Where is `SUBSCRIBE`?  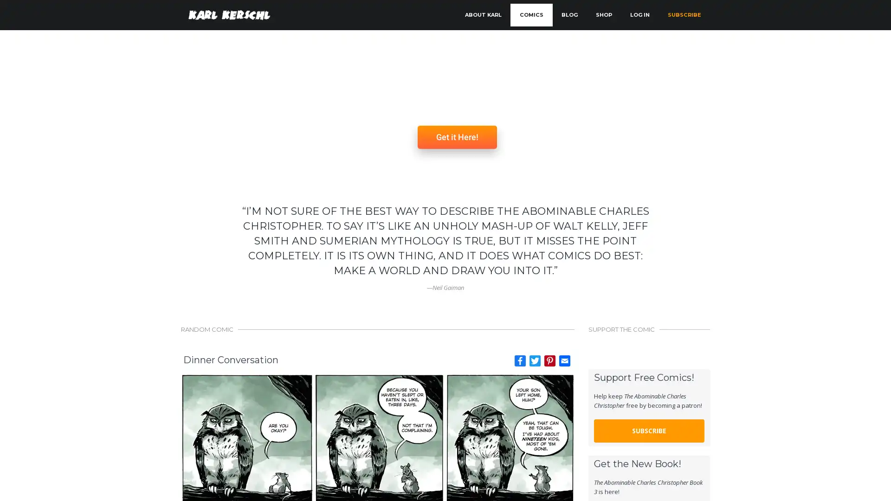
SUBSCRIBE is located at coordinates (648, 431).